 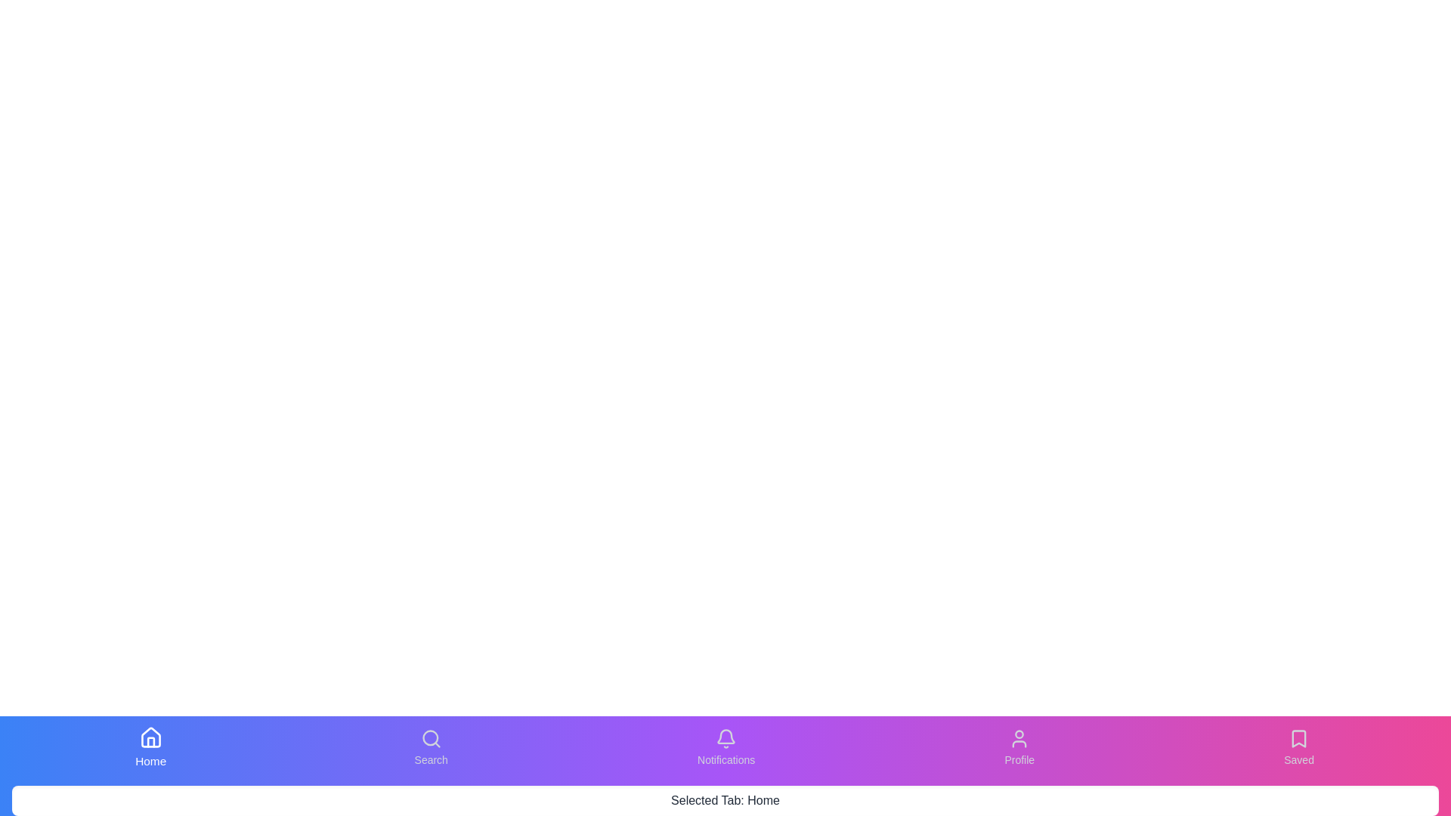 What do you see at coordinates (1298, 748) in the screenshot?
I see `the tab button labeled Saved to switch to its respective content` at bounding box center [1298, 748].